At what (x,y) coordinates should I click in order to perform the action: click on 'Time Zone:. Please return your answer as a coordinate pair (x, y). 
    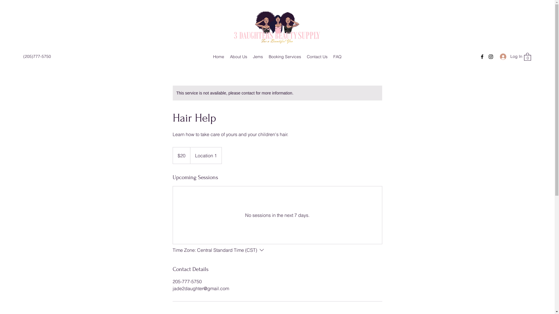
    Looking at the image, I should click on (219, 250).